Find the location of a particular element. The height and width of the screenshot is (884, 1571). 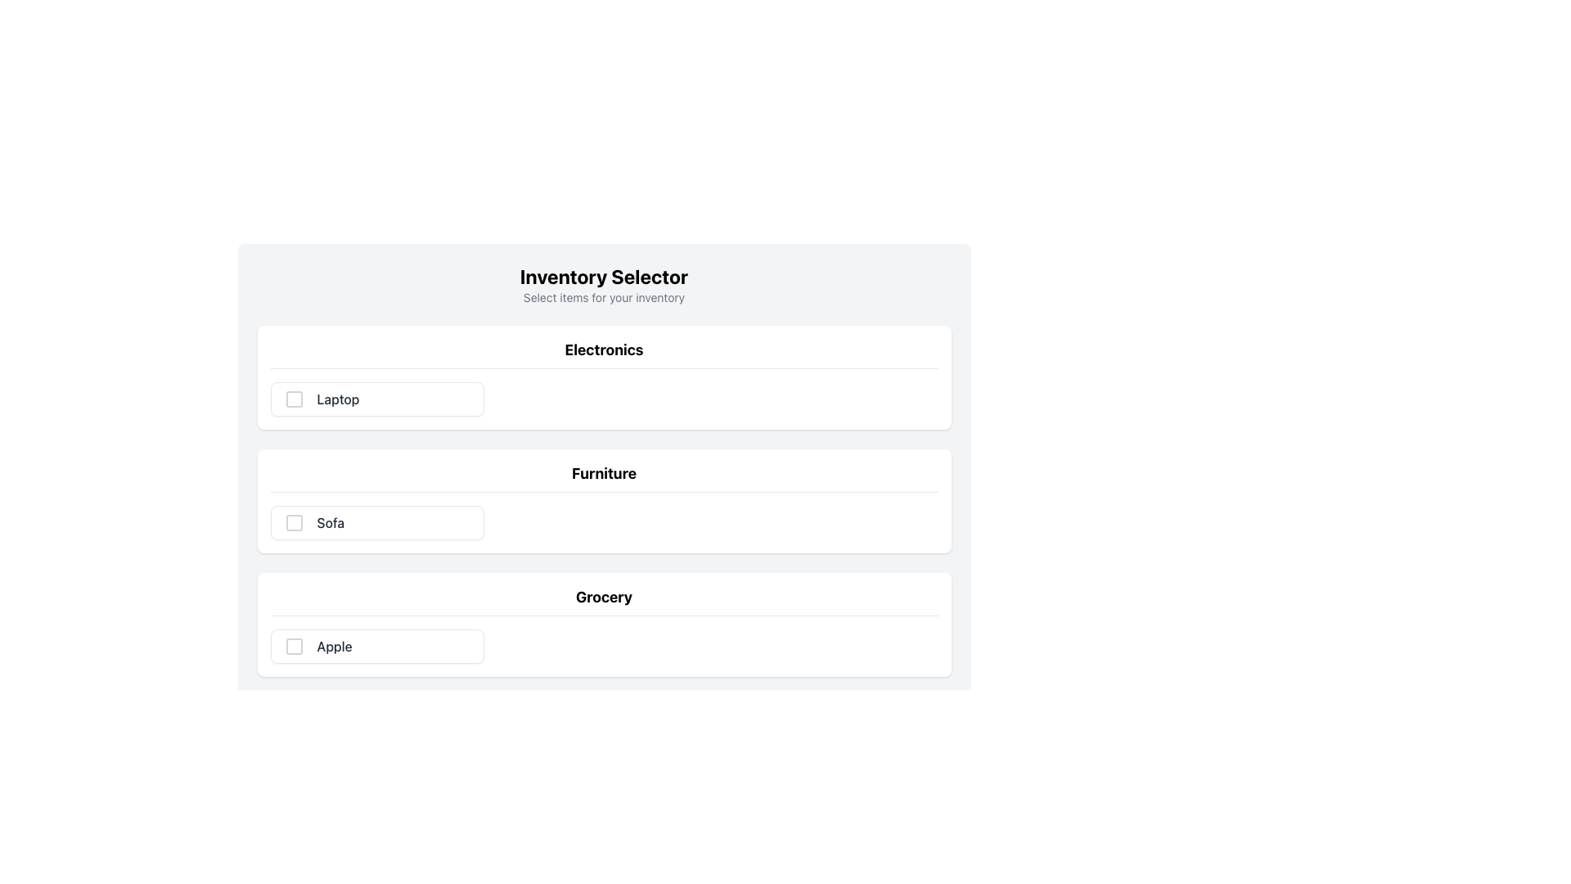

the unselected checkbox located to the left of the 'Laptop' text is located at coordinates (294, 399).